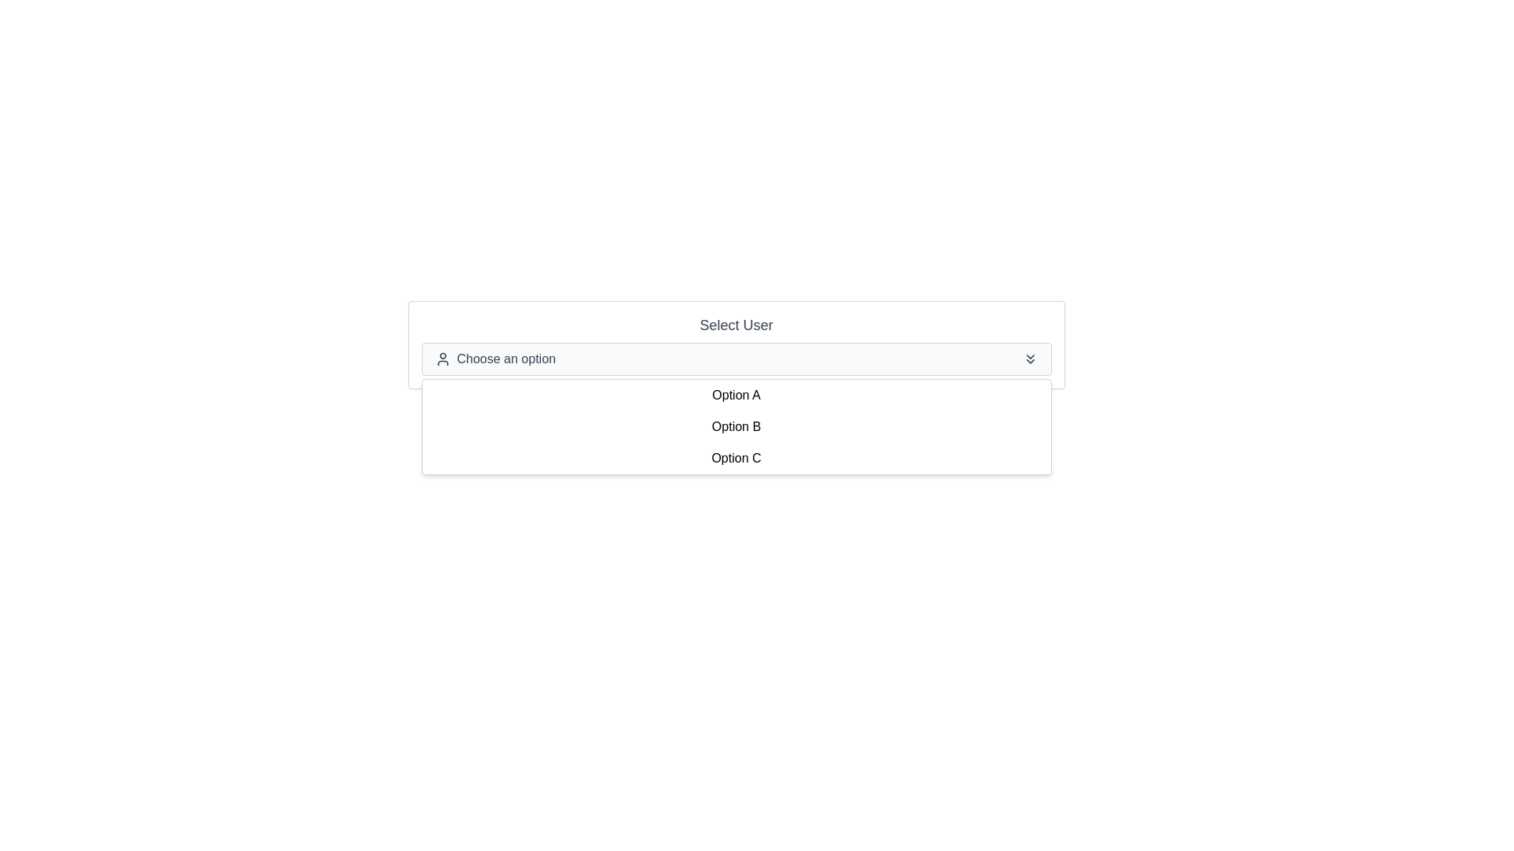 This screenshot has width=1514, height=851. What do you see at coordinates (736, 324) in the screenshot?
I see `the text label that serves as an instruction for the dropdown menu labeled 'Choose an option'` at bounding box center [736, 324].